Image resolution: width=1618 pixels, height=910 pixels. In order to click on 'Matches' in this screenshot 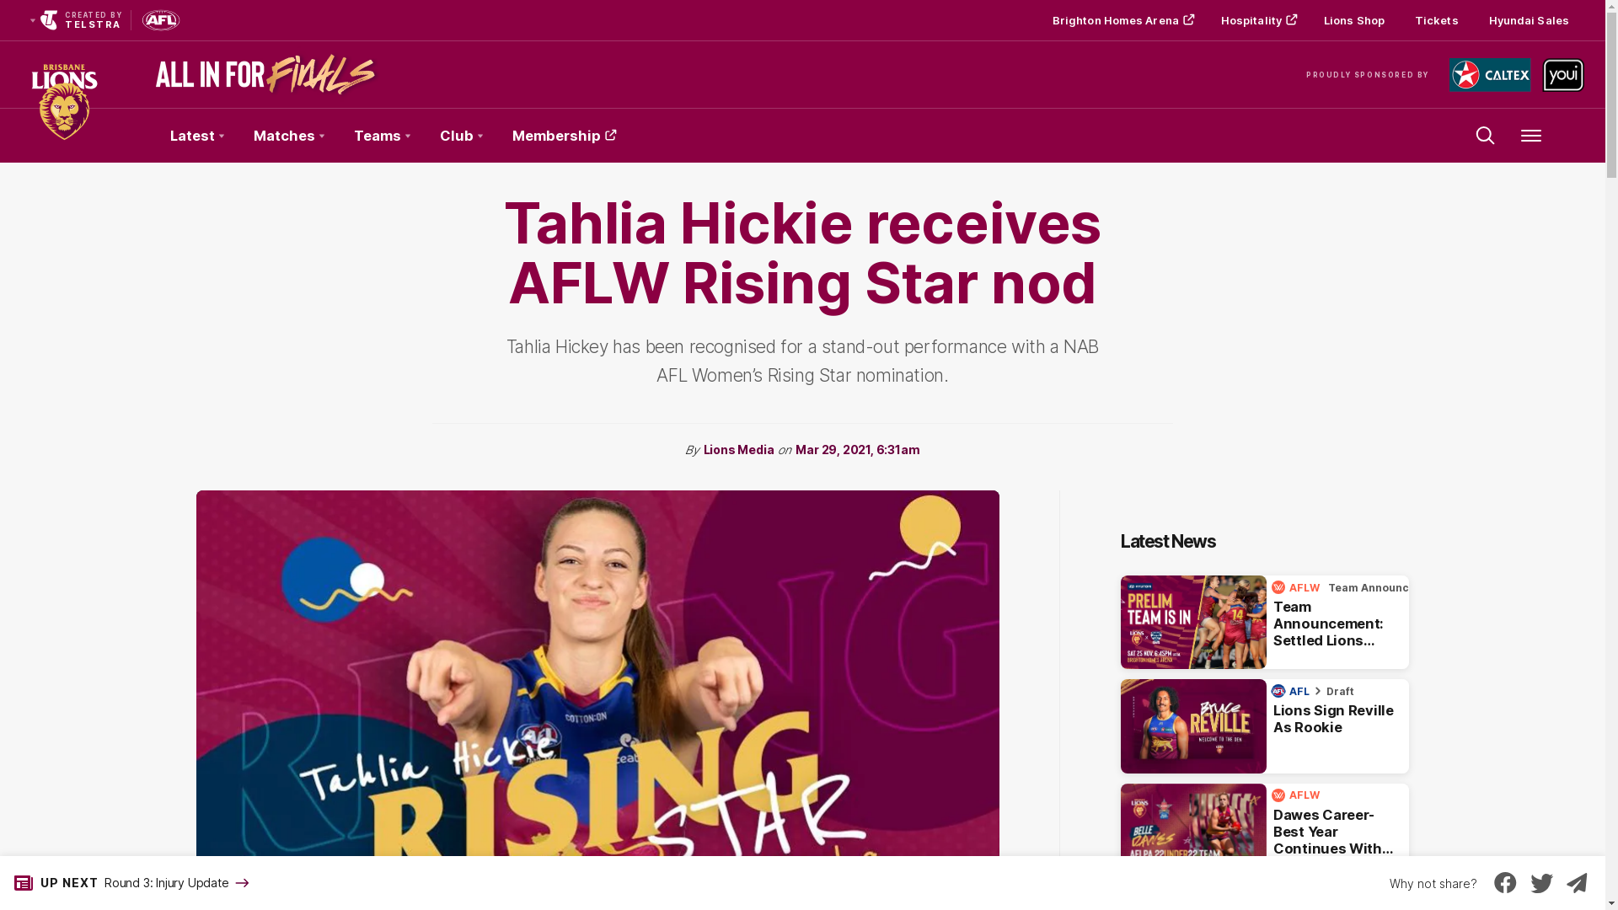, I will do `click(288, 135)`.